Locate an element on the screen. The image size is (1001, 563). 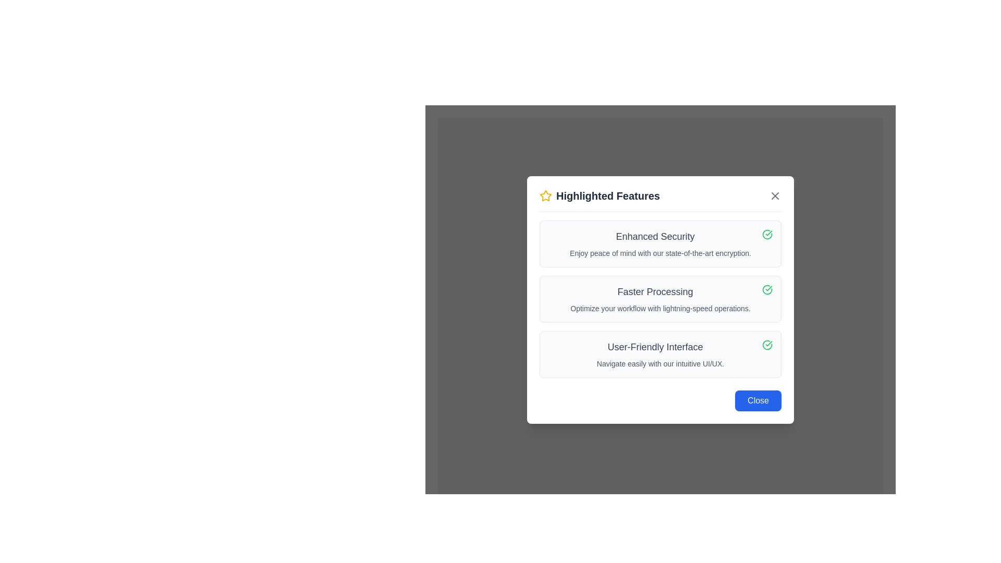
the green-colored check icon with a circular border located at the top-right corner of the 'Enhanced Security' card is located at coordinates (767, 233).